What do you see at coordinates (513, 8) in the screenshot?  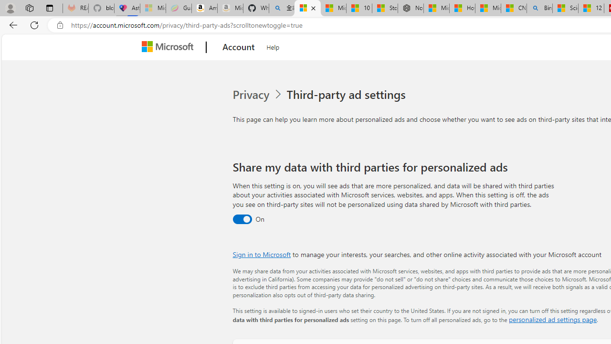 I see `'CNN - MSN'` at bounding box center [513, 8].